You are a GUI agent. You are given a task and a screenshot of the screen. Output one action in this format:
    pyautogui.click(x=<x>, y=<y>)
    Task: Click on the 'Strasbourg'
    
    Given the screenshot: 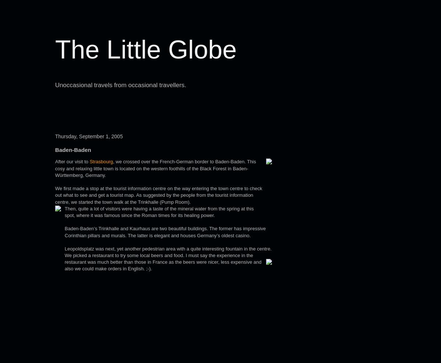 What is the action you would take?
    pyautogui.click(x=101, y=161)
    